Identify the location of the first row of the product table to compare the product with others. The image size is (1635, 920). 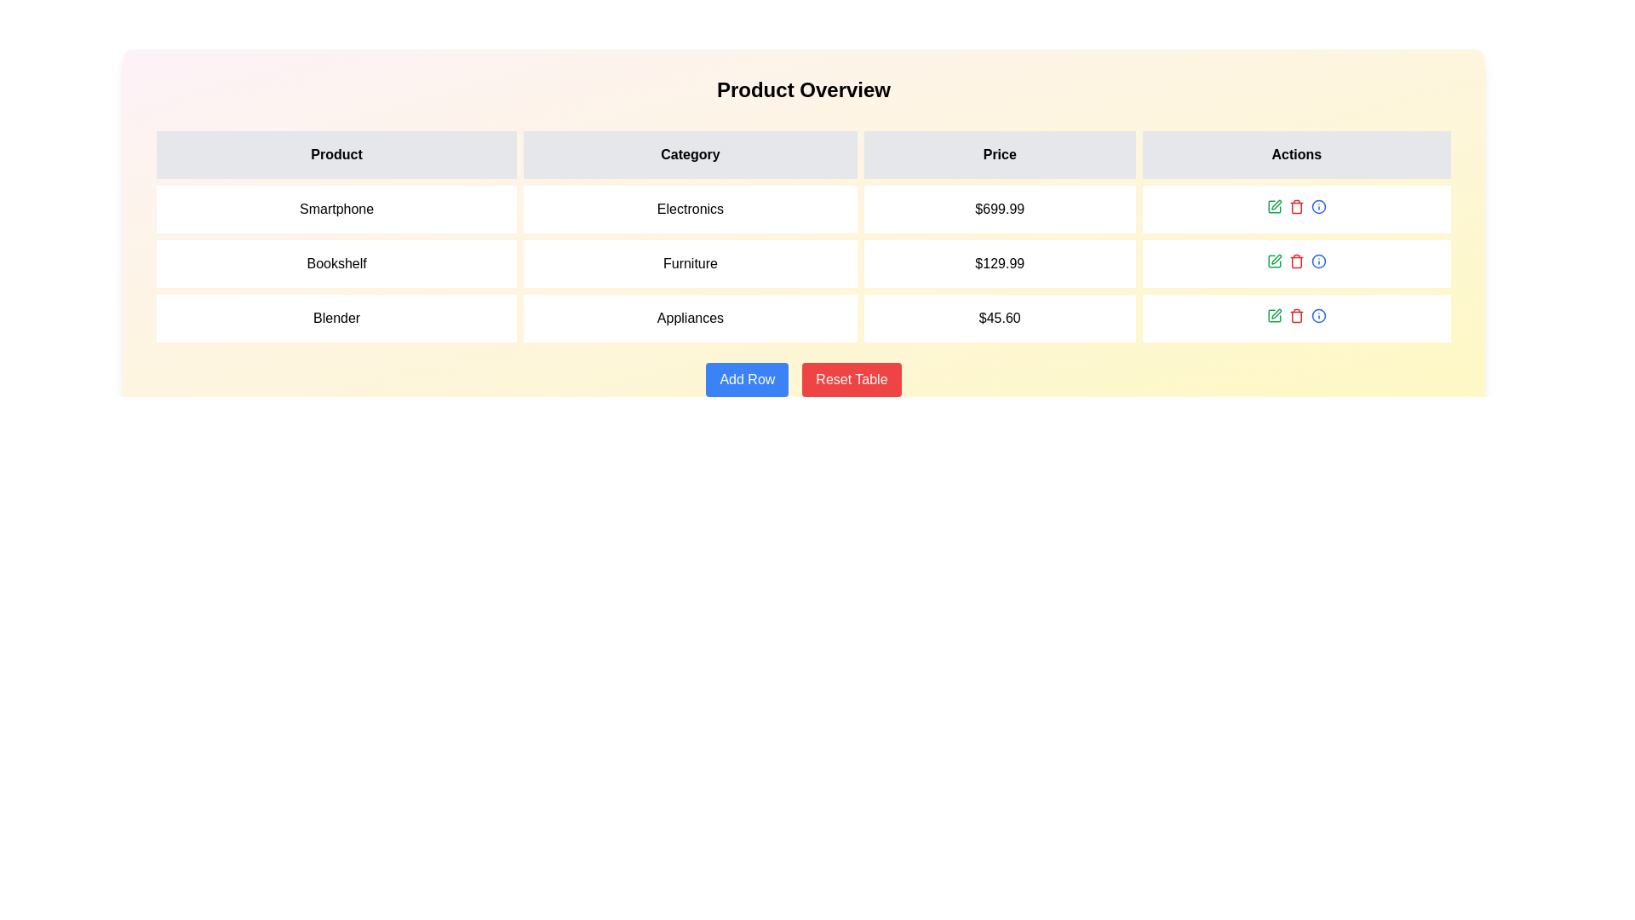
(803, 209).